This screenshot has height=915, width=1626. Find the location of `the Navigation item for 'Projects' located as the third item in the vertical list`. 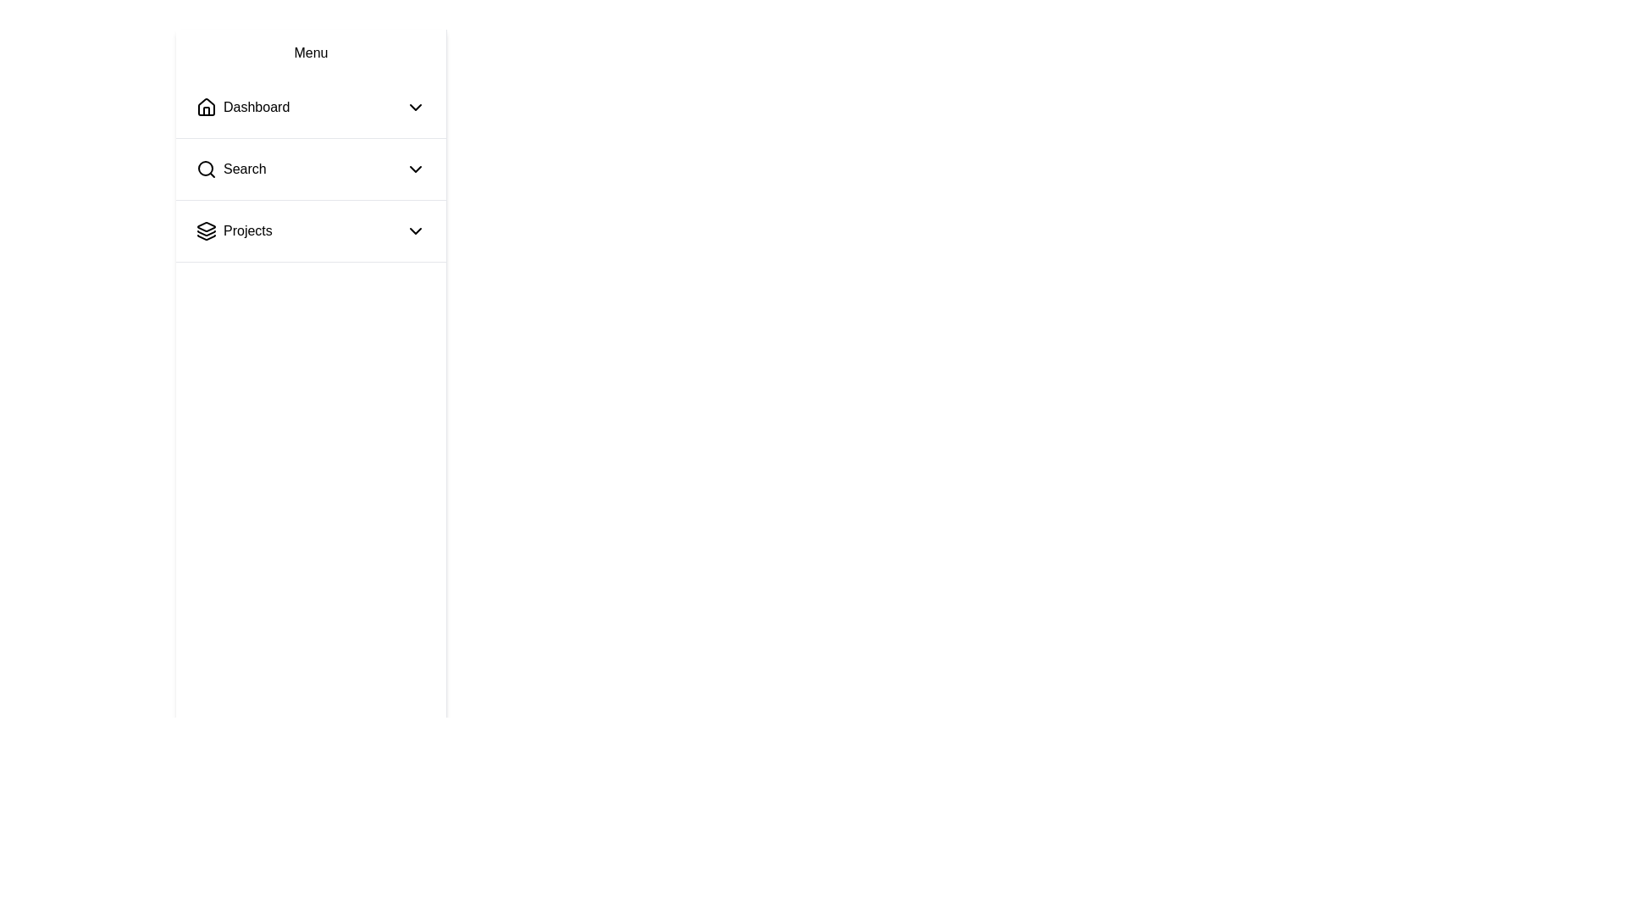

the Navigation item for 'Projects' located as the third item in the vertical list is located at coordinates (311, 231).